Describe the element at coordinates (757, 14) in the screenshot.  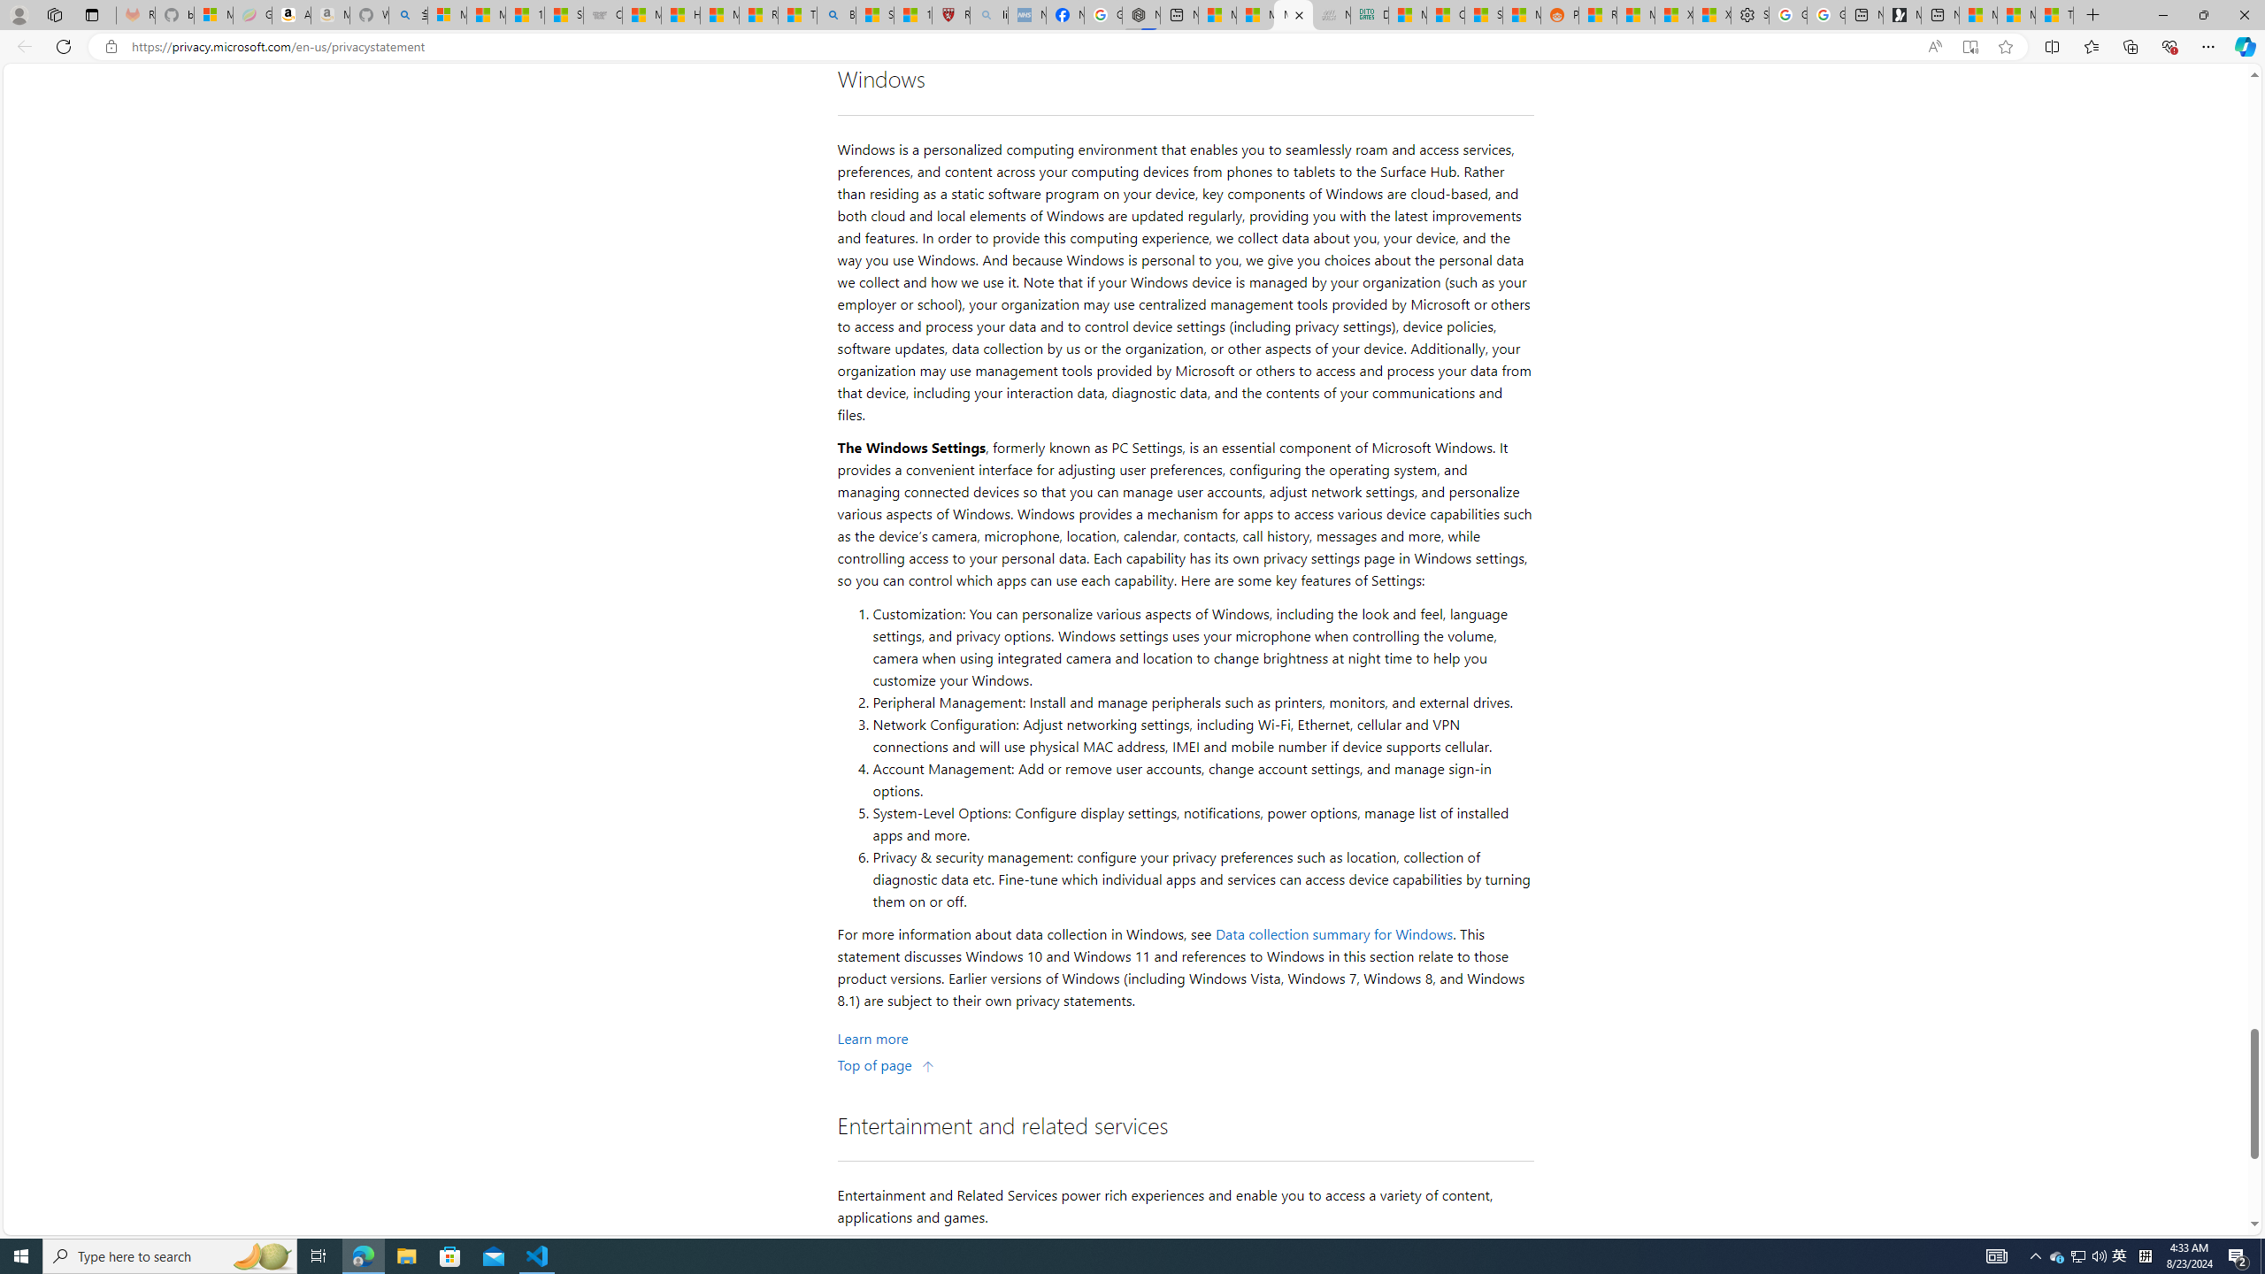
I see `'Recipes - MSN'` at that location.